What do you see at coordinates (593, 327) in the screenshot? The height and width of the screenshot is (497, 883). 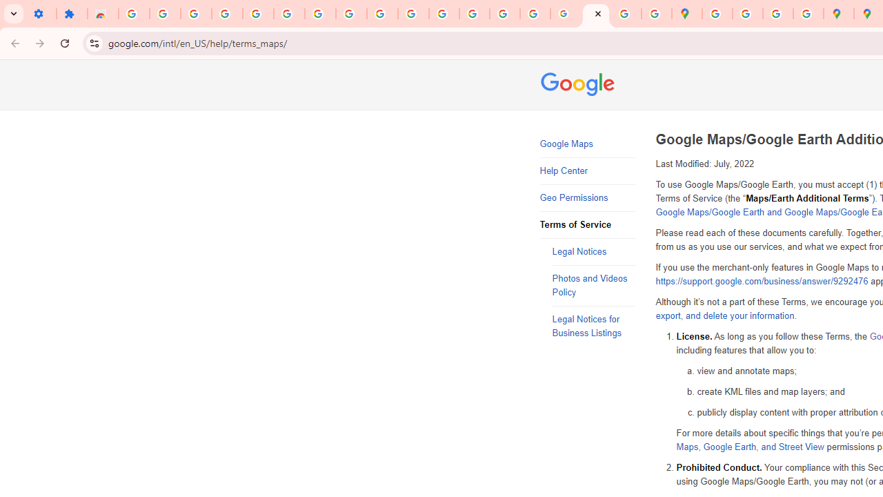 I see `'Legal Notices for Business Listings'` at bounding box center [593, 327].